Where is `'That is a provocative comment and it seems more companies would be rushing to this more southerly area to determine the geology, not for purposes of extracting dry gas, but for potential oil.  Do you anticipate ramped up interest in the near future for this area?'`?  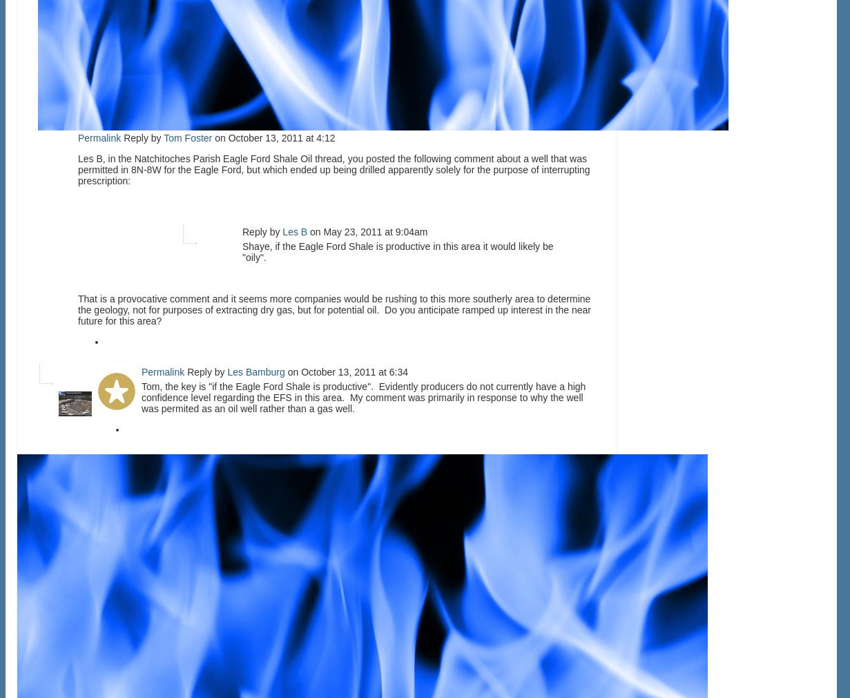 'That is a provocative comment and it seems more companies would be rushing to this more southerly area to determine the geology, not for purposes of extracting dry gas, but for potential oil.  Do you anticipate ramped up interest in the near future for this area?' is located at coordinates (78, 309).